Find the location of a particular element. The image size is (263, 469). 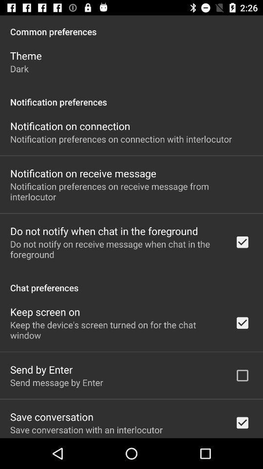

the common preferences app is located at coordinates (131, 26).